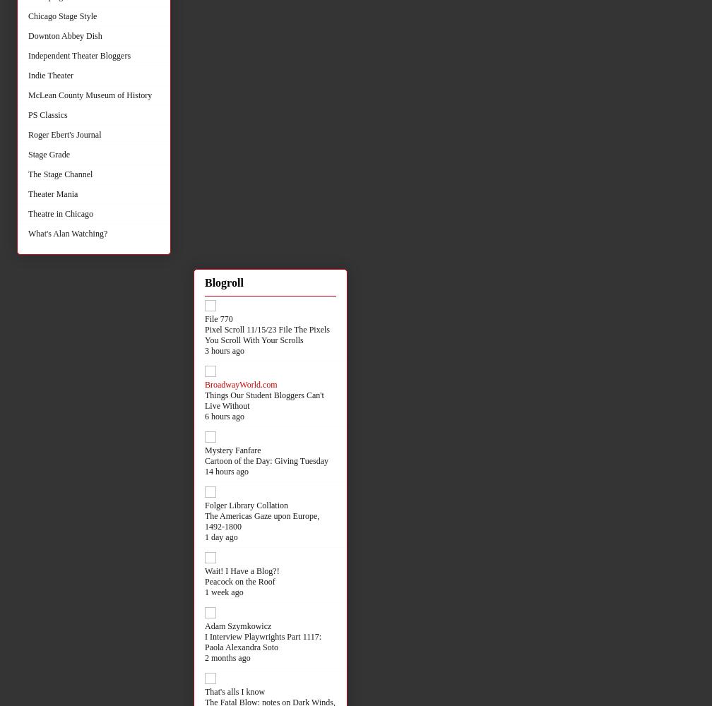  Describe the element at coordinates (227, 657) in the screenshot. I see `'2 months ago'` at that location.